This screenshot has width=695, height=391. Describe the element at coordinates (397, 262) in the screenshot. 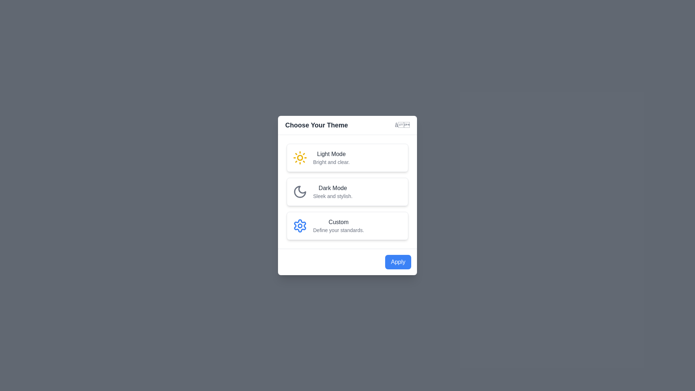

I see `the Apply button to confirm the selected theme` at that location.